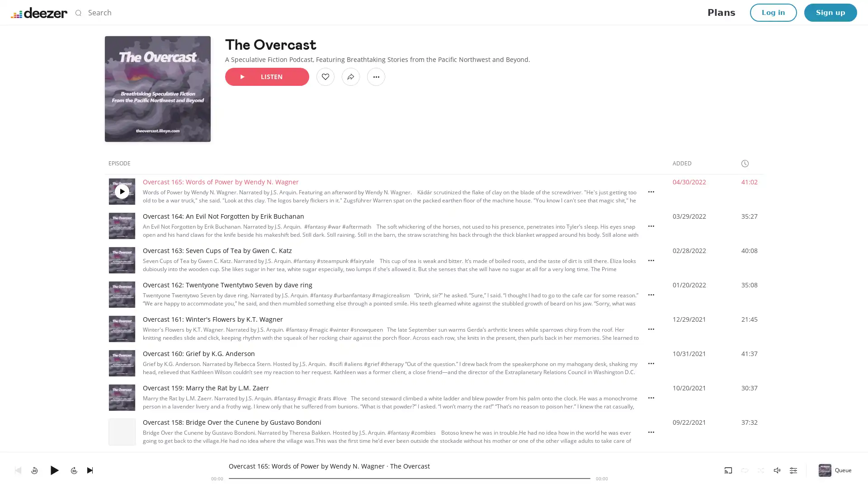 The width and height of the screenshot is (868, 488). Describe the element at coordinates (266, 76) in the screenshot. I see `LISTEN` at that location.